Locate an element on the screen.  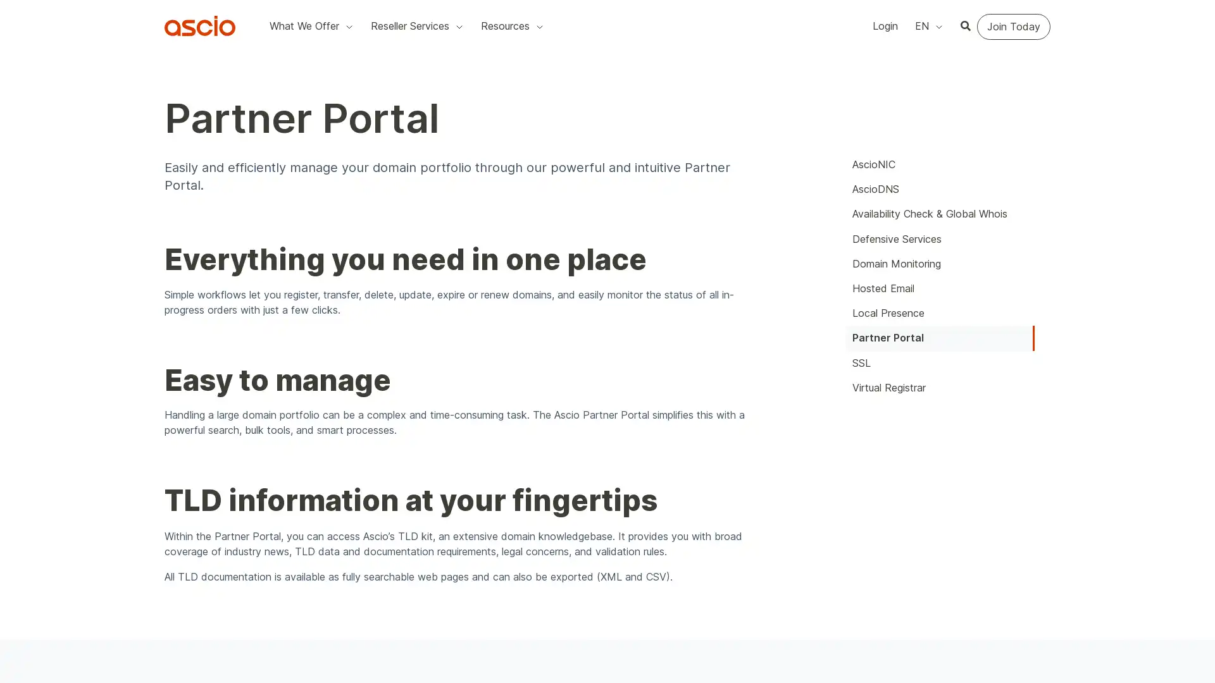
Accept is located at coordinates (780, 101).